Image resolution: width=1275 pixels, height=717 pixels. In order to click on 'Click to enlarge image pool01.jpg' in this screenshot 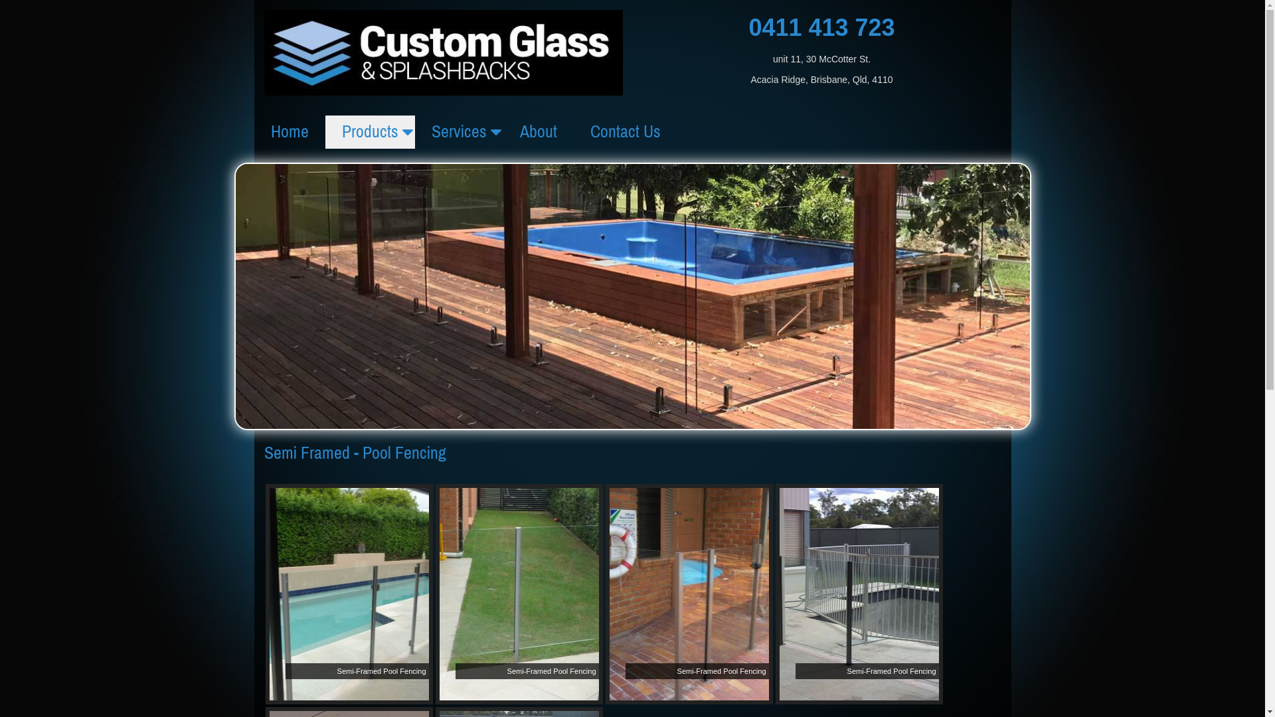, I will do `click(349, 593)`.